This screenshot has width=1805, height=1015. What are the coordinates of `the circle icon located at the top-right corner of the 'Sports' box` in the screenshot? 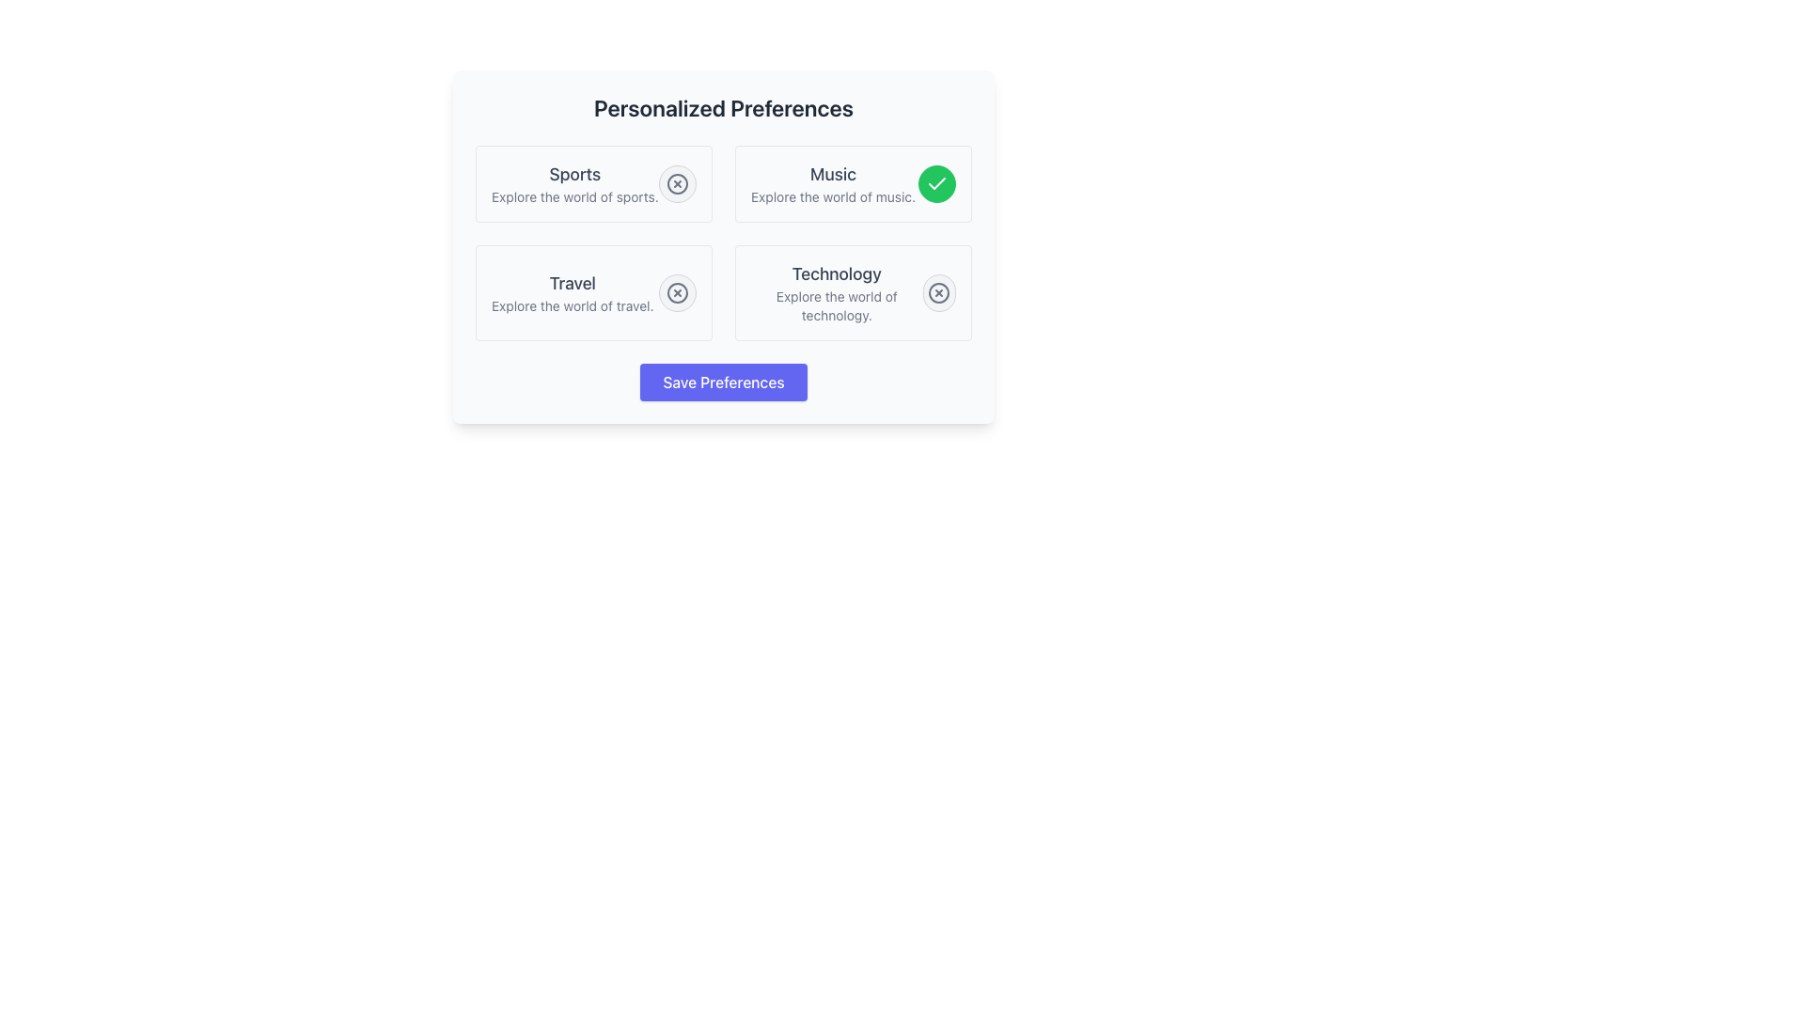 It's located at (677, 184).